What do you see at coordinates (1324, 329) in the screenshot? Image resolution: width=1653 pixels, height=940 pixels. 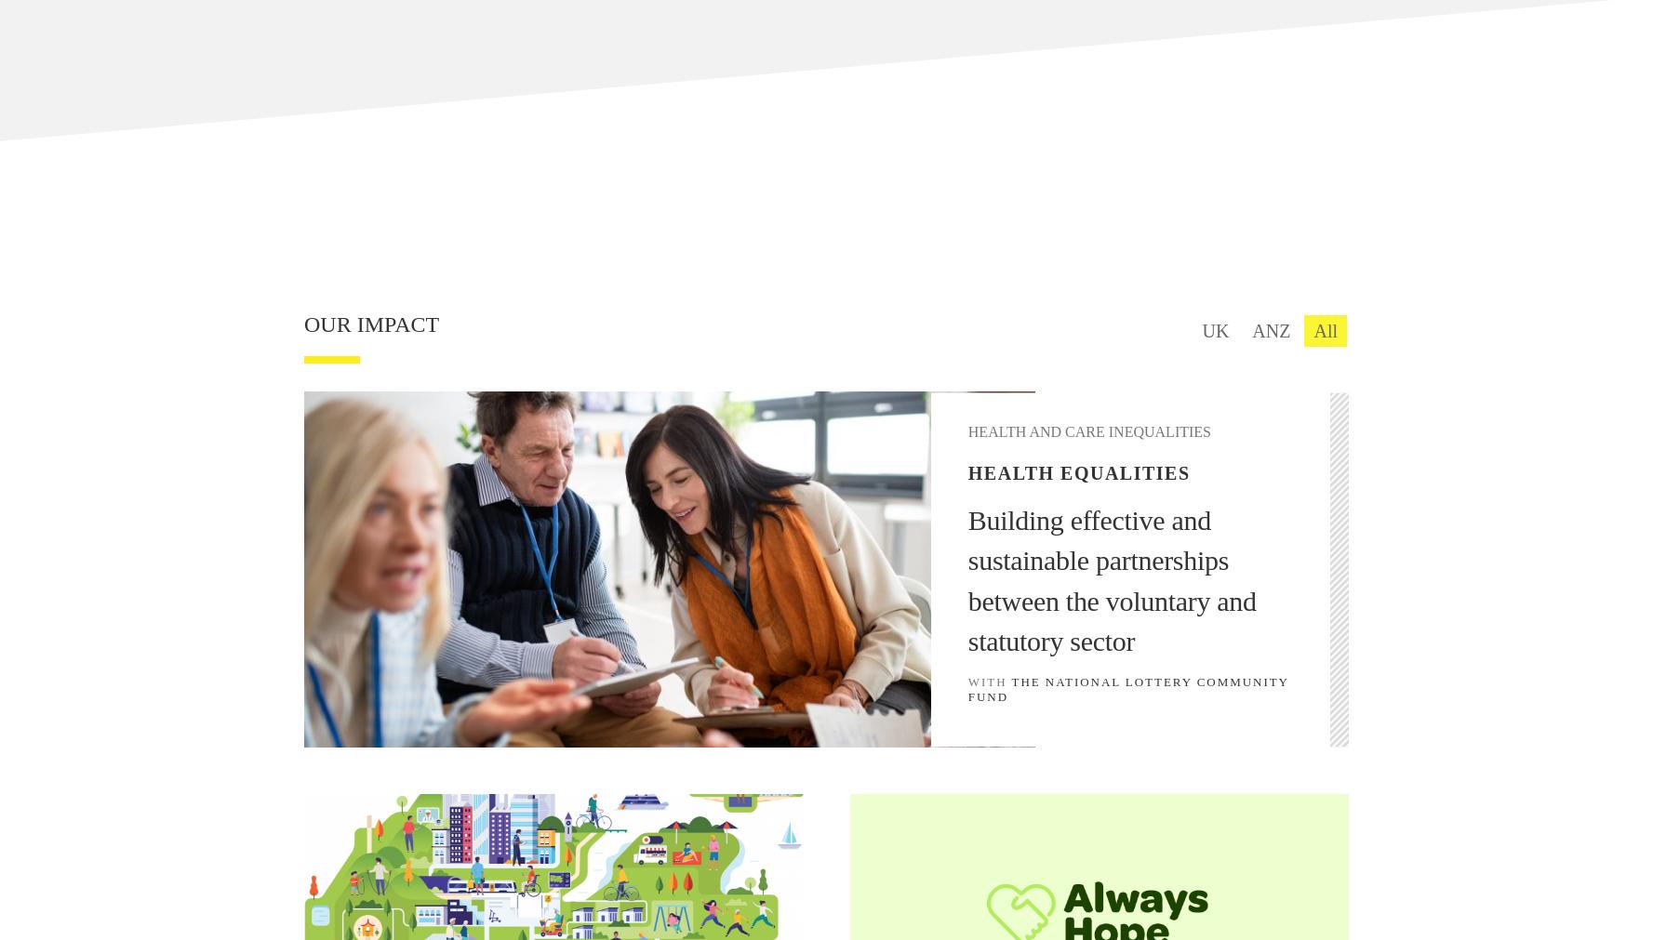 I see `'All'` at bounding box center [1324, 329].